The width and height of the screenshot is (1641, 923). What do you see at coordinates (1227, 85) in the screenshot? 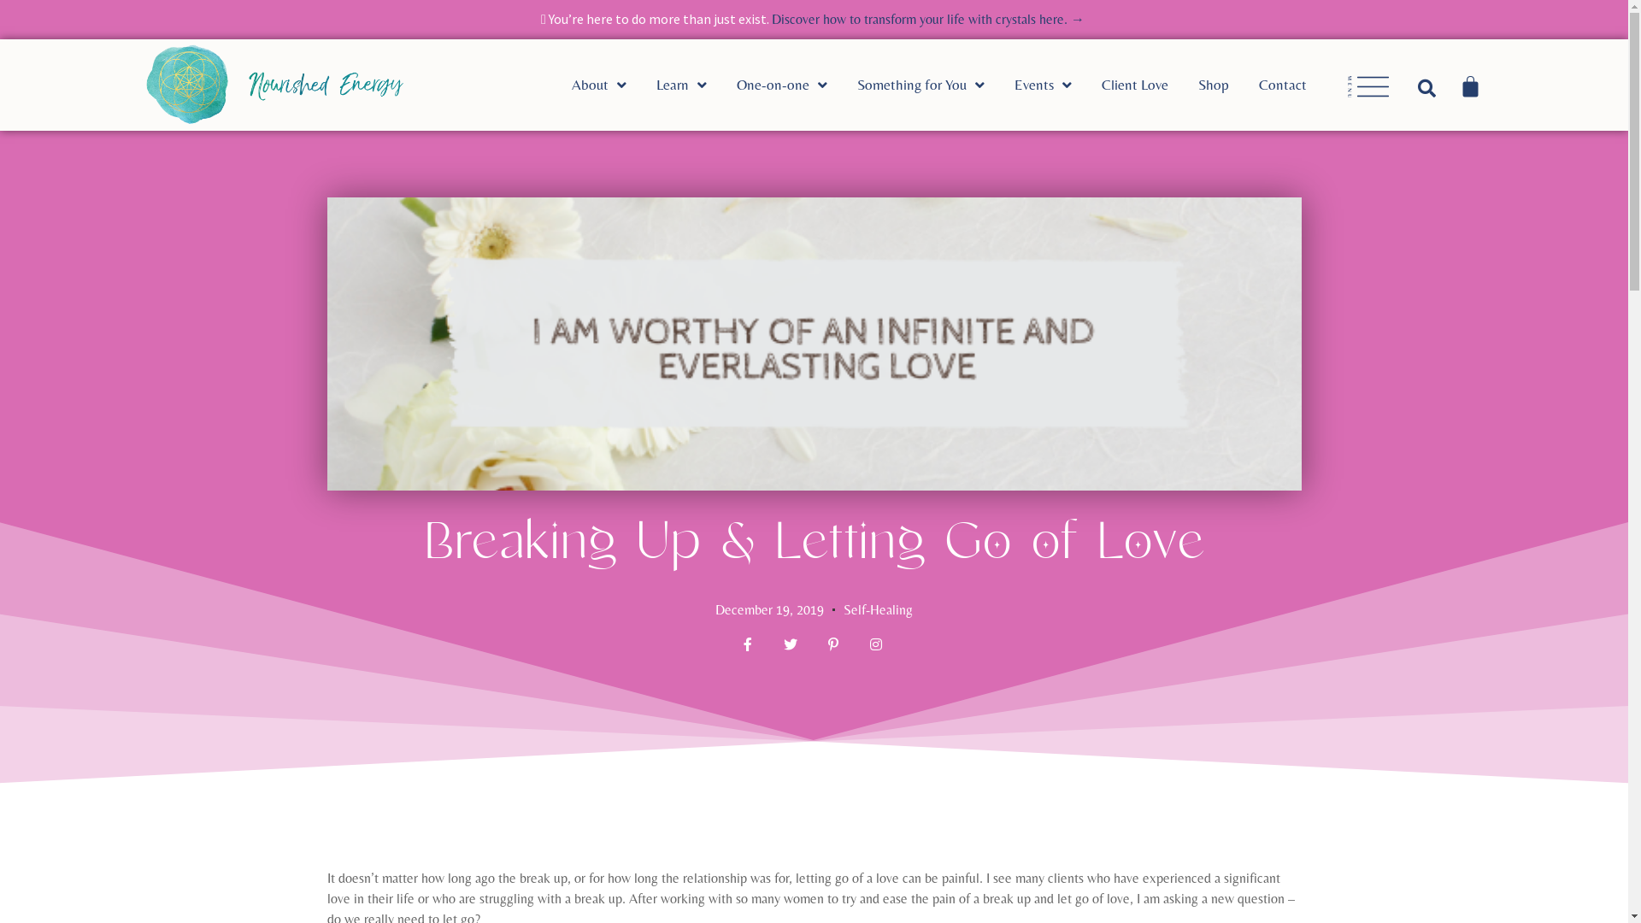
I see `'Shop'` at bounding box center [1227, 85].